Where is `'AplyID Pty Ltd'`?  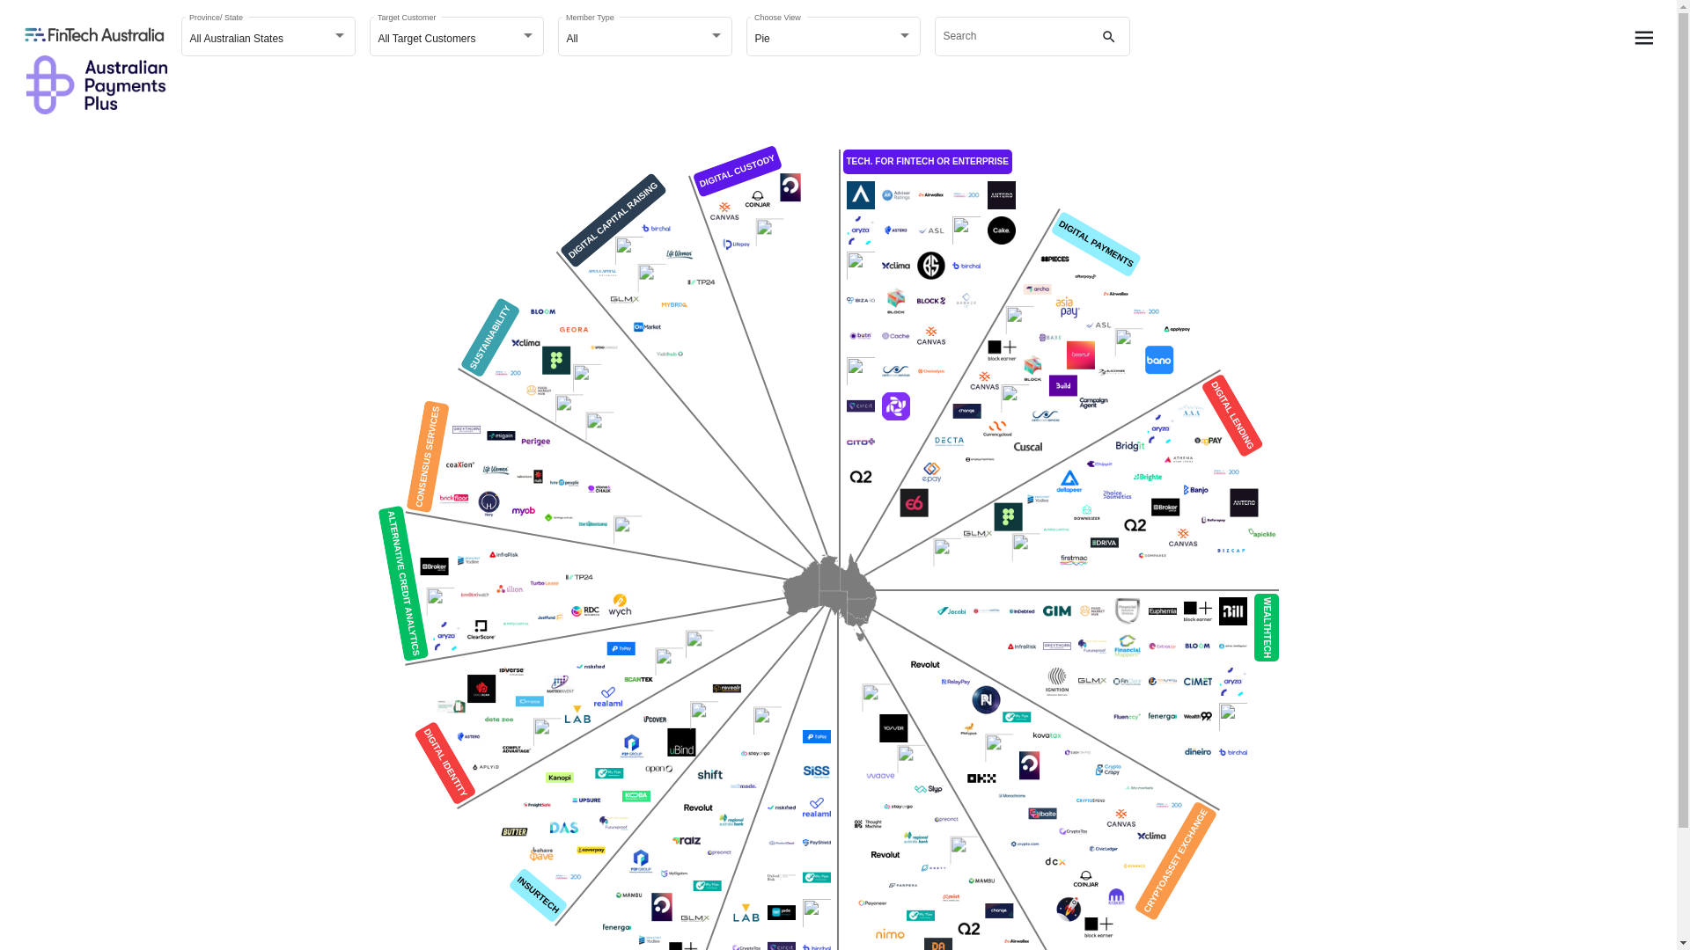 'AplyID Pty Ltd' is located at coordinates (486, 765).